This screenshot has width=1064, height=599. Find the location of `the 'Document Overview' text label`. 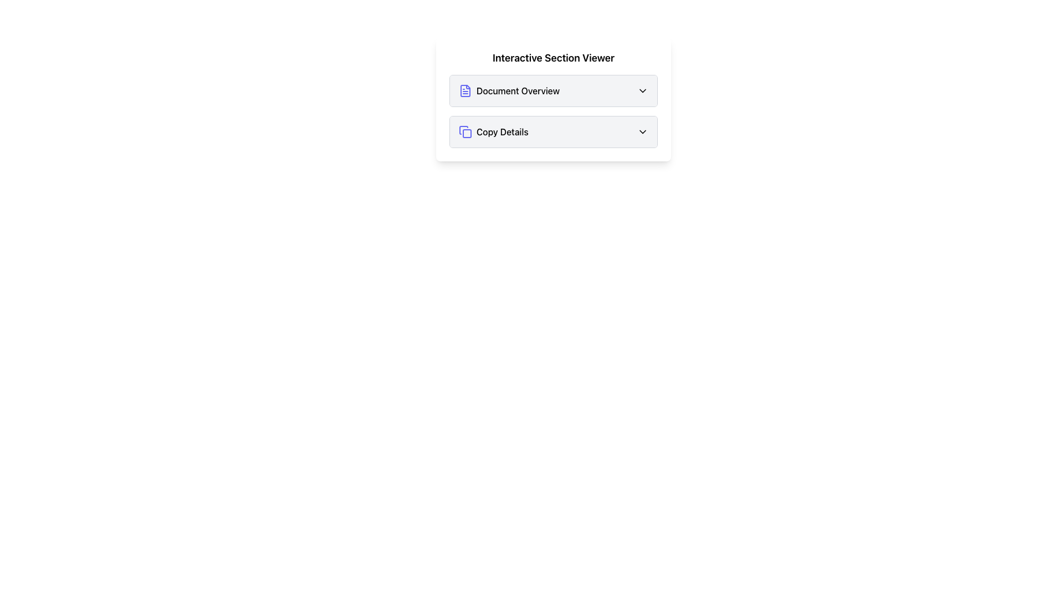

the 'Document Overview' text label is located at coordinates (518, 90).